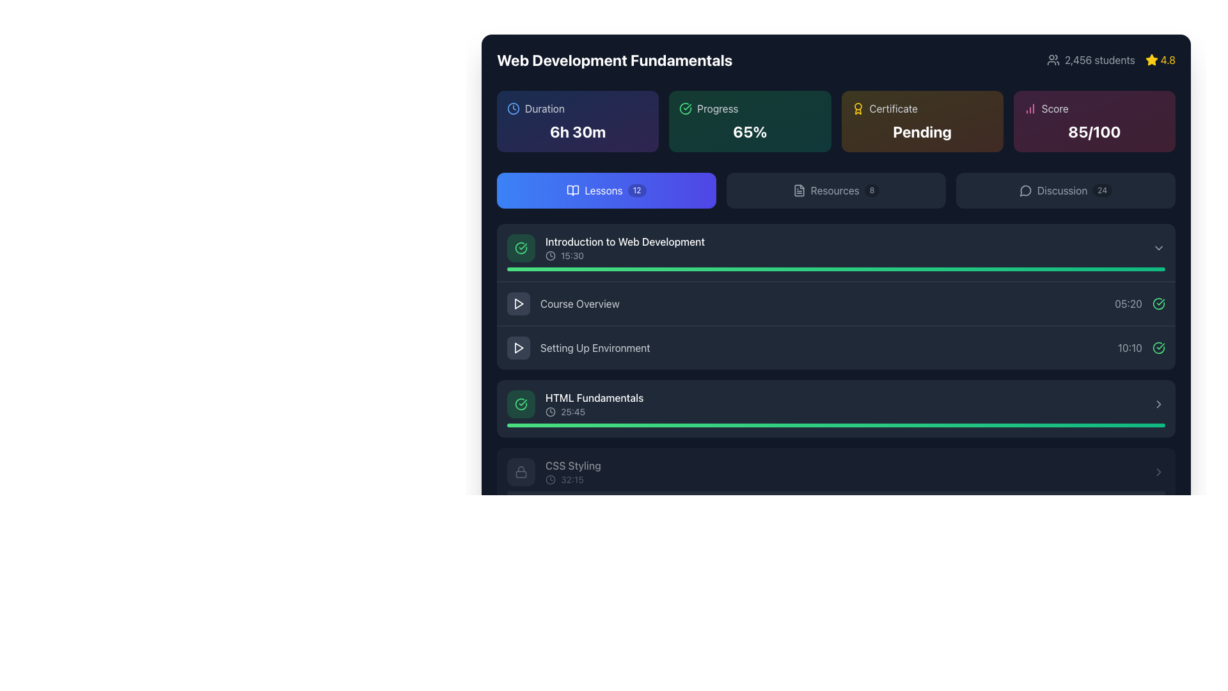 This screenshot has width=1228, height=691. Describe the element at coordinates (615, 60) in the screenshot. I see `the text label titled 'Web Development Fundamentals' located at the top-left section of the interface` at that location.